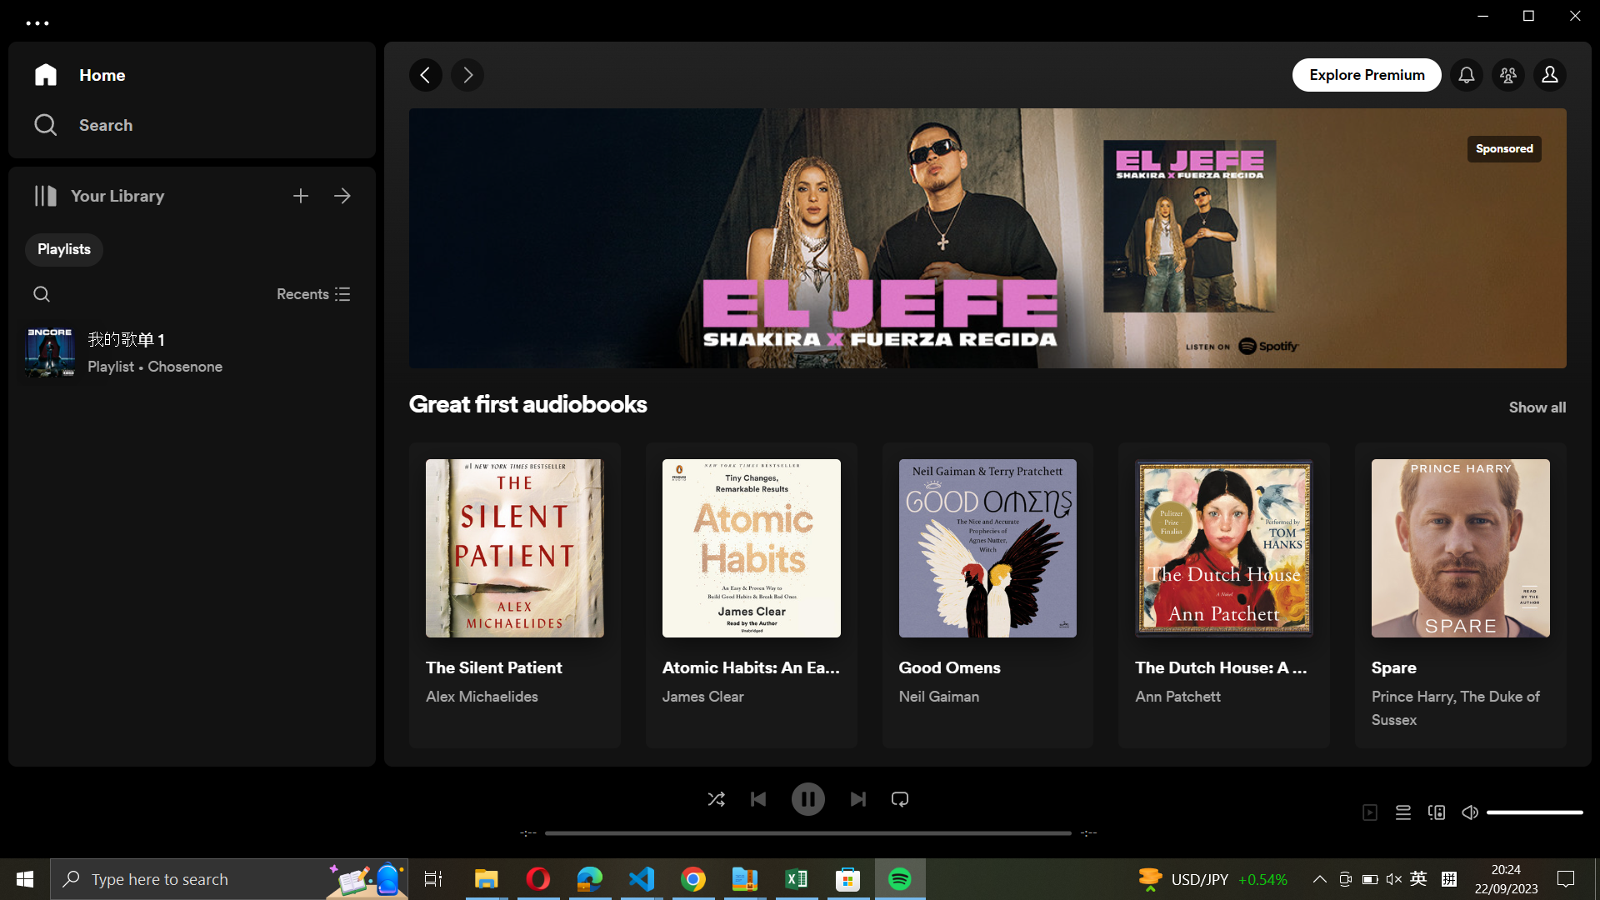 The image size is (1600, 900). I want to click on Shut down recent audio book files, so click(313, 292).